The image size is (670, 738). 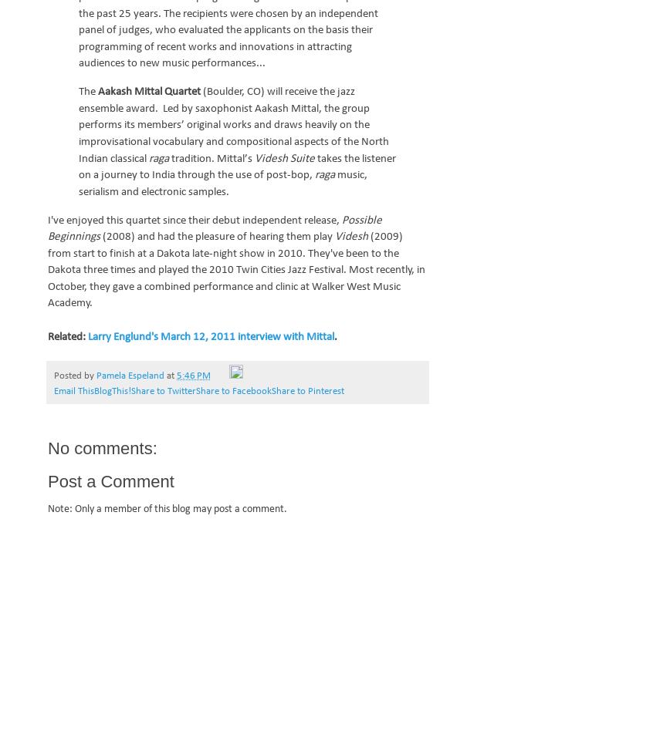 I want to click on 'Posted by', so click(x=75, y=376).